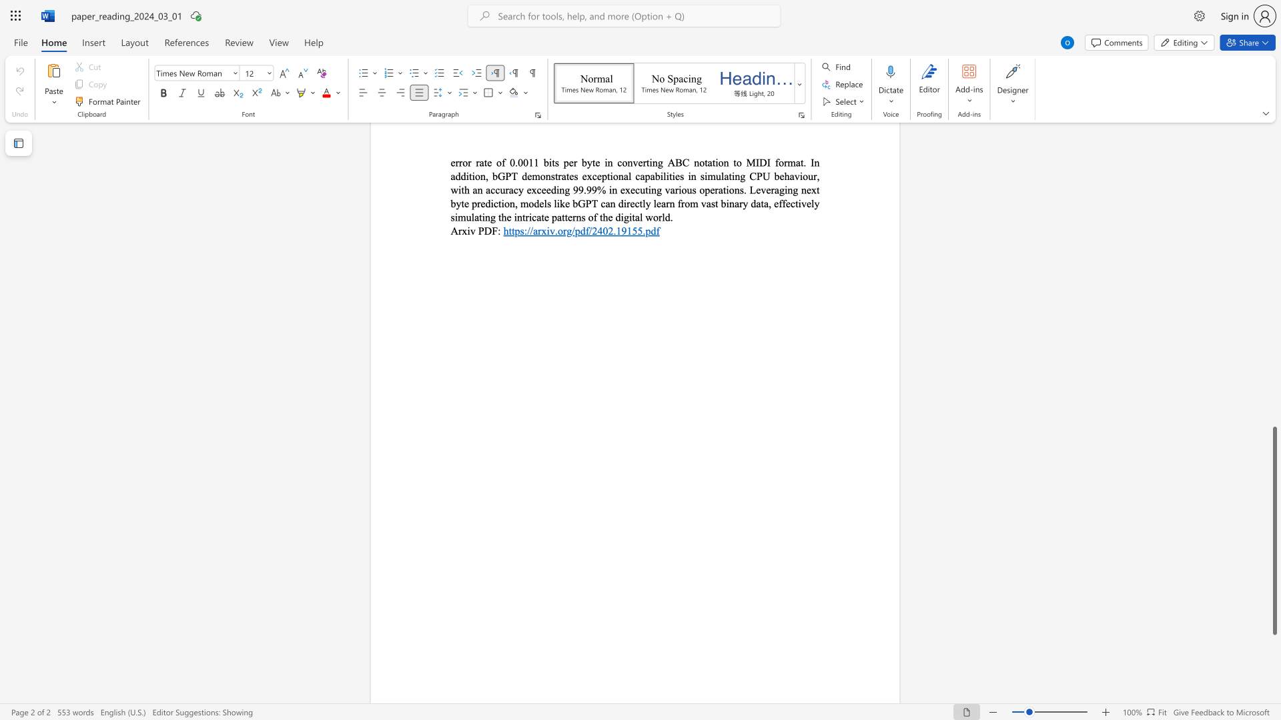 Image resolution: width=1281 pixels, height=720 pixels. Describe the element at coordinates (1274, 259) in the screenshot. I see `the scrollbar to move the view up` at that location.